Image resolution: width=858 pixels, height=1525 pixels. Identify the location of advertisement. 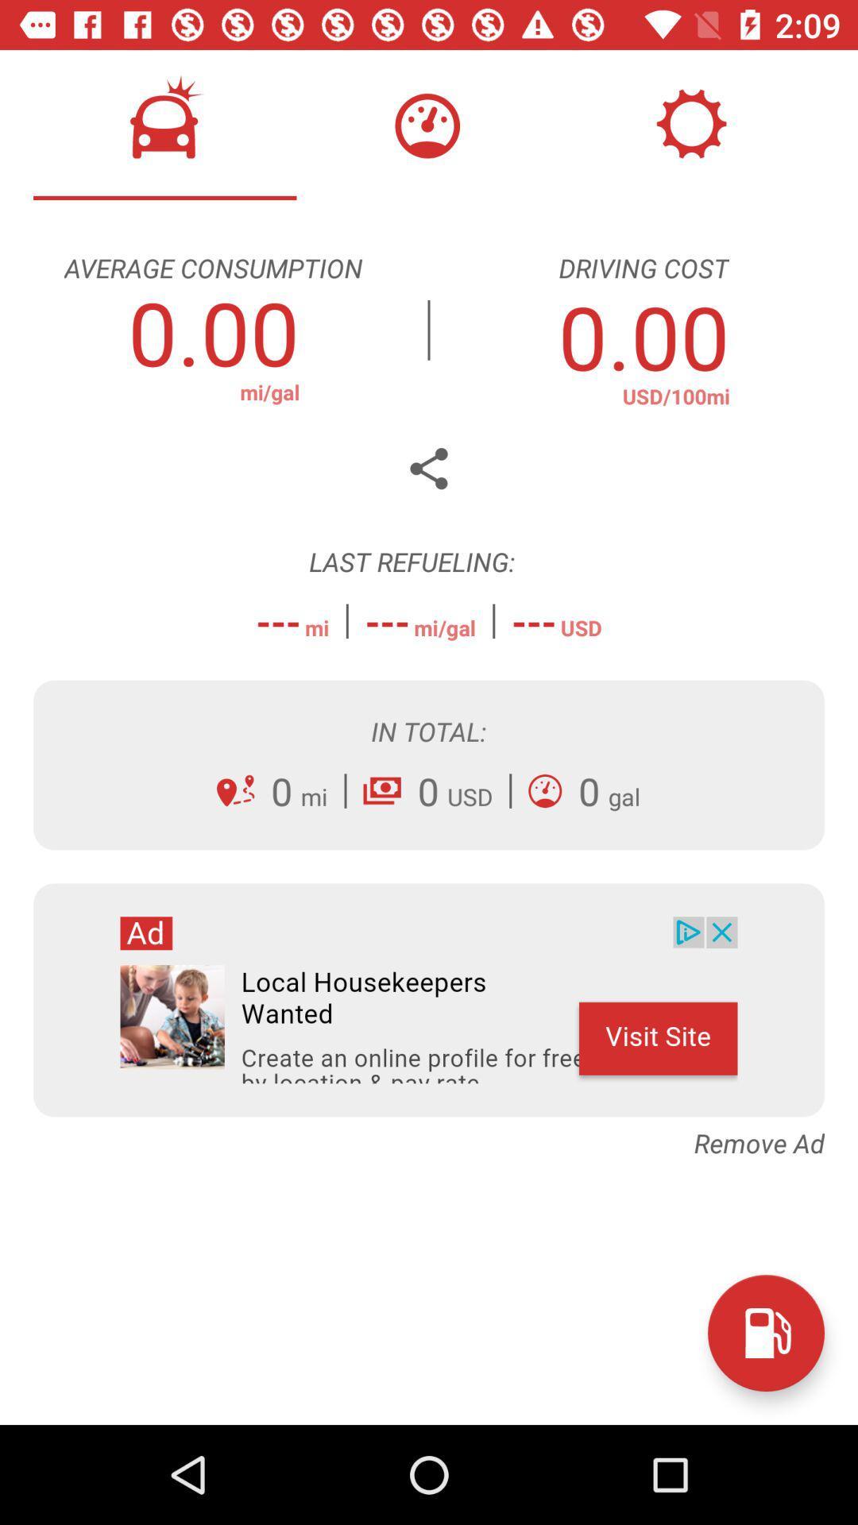
(429, 999).